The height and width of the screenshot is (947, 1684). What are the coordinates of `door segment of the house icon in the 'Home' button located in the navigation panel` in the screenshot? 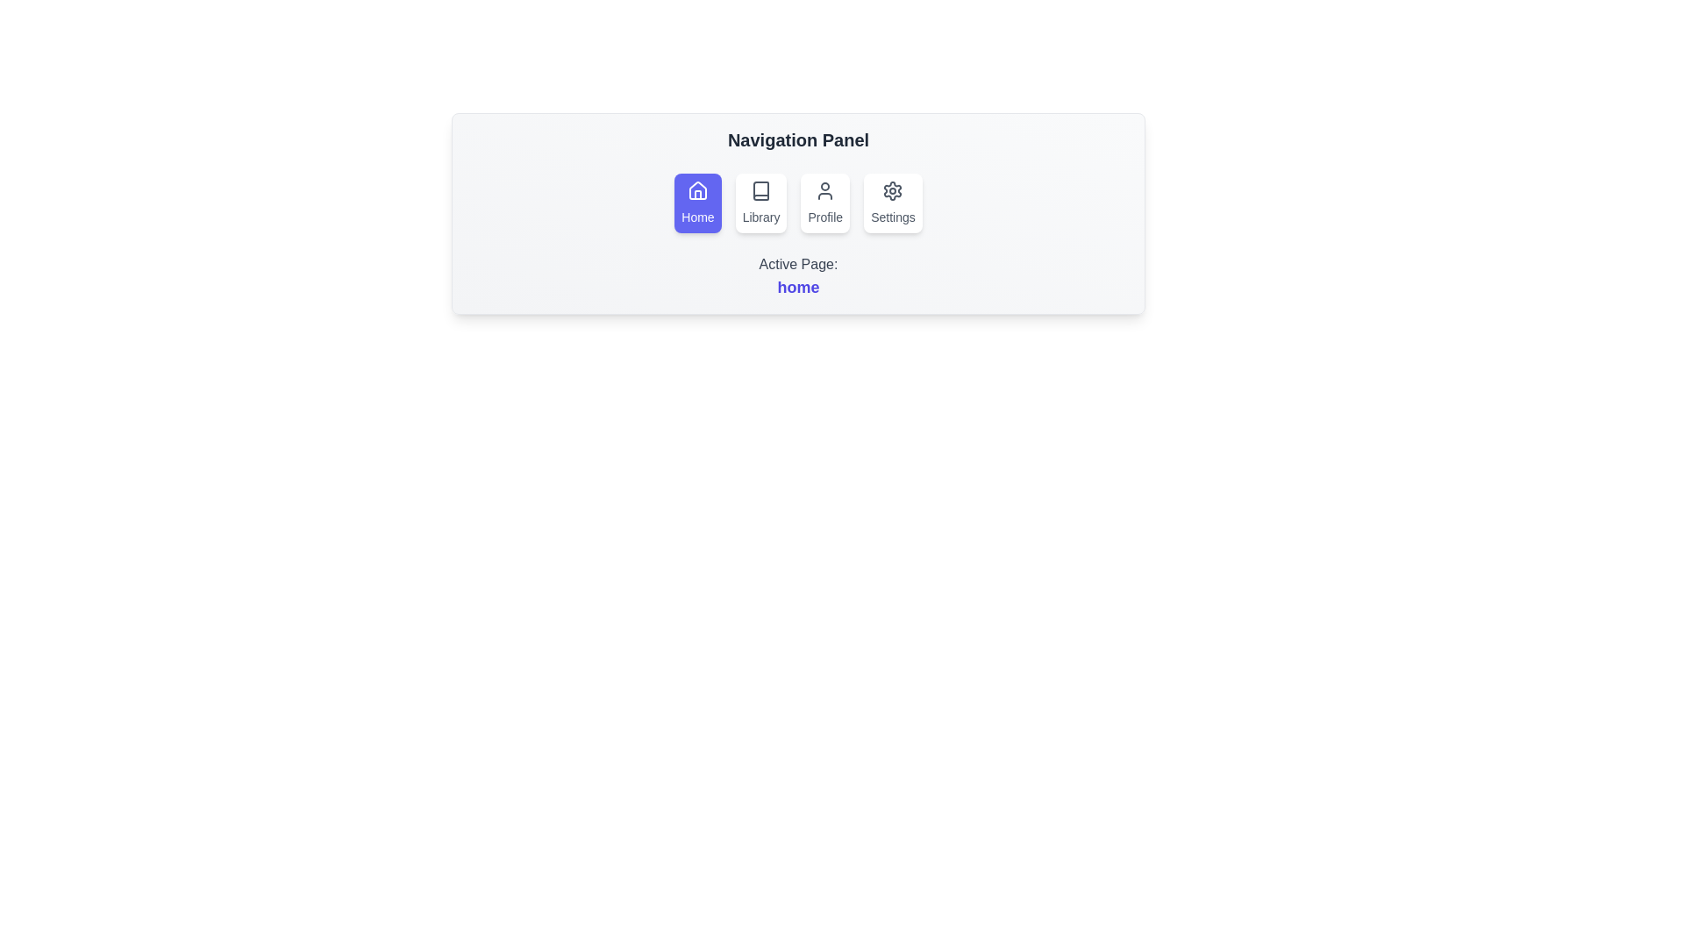 It's located at (697, 195).